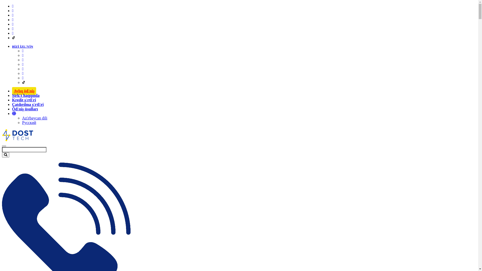 This screenshot has width=482, height=271. What do you see at coordinates (13, 24) in the screenshot?
I see `'Whatsapp'` at bounding box center [13, 24].